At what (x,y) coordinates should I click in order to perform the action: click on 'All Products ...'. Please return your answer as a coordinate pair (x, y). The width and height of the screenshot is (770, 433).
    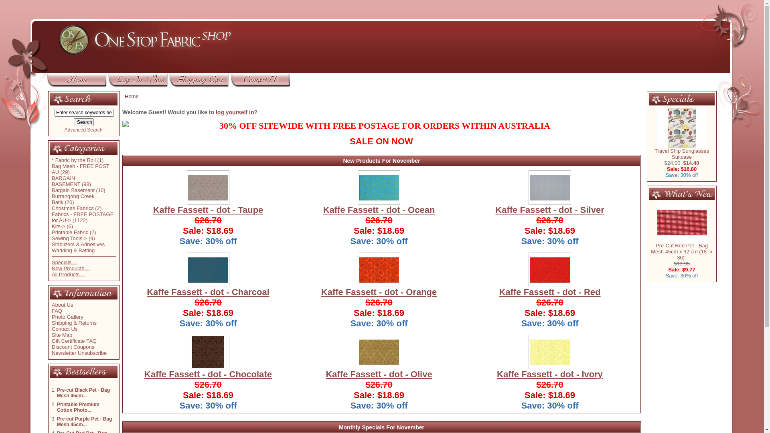
    Looking at the image, I should click on (51, 273).